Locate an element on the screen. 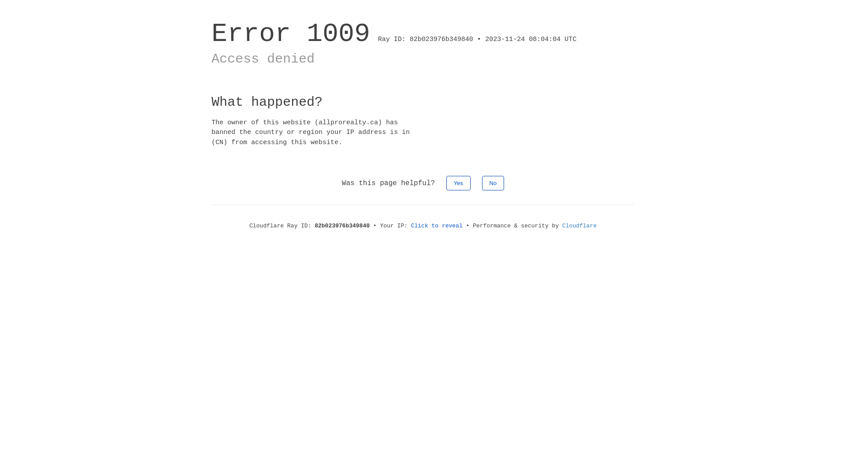 The width and height of the screenshot is (846, 476). 'No' is located at coordinates (493, 182).